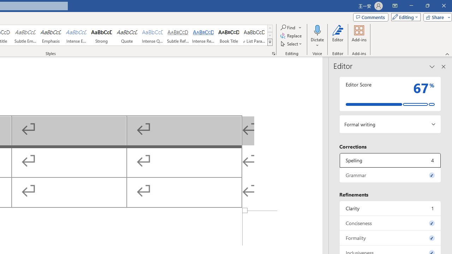 This screenshot has height=254, width=452. What do you see at coordinates (228, 35) in the screenshot?
I see `'Book Title'` at bounding box center [228, 35].